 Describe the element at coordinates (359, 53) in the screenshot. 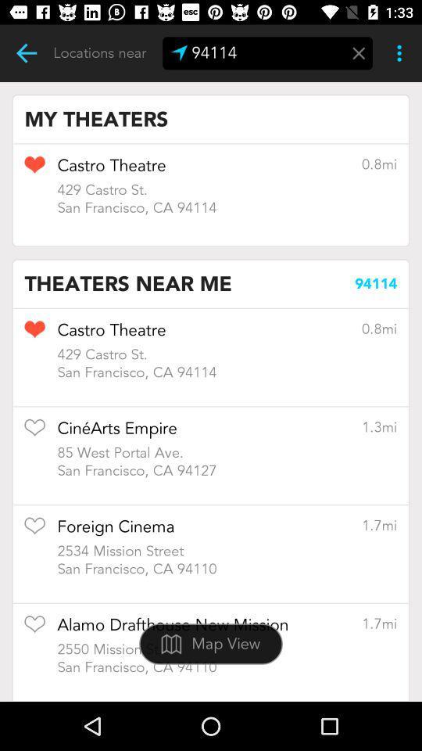

I see `menu page` at that location.